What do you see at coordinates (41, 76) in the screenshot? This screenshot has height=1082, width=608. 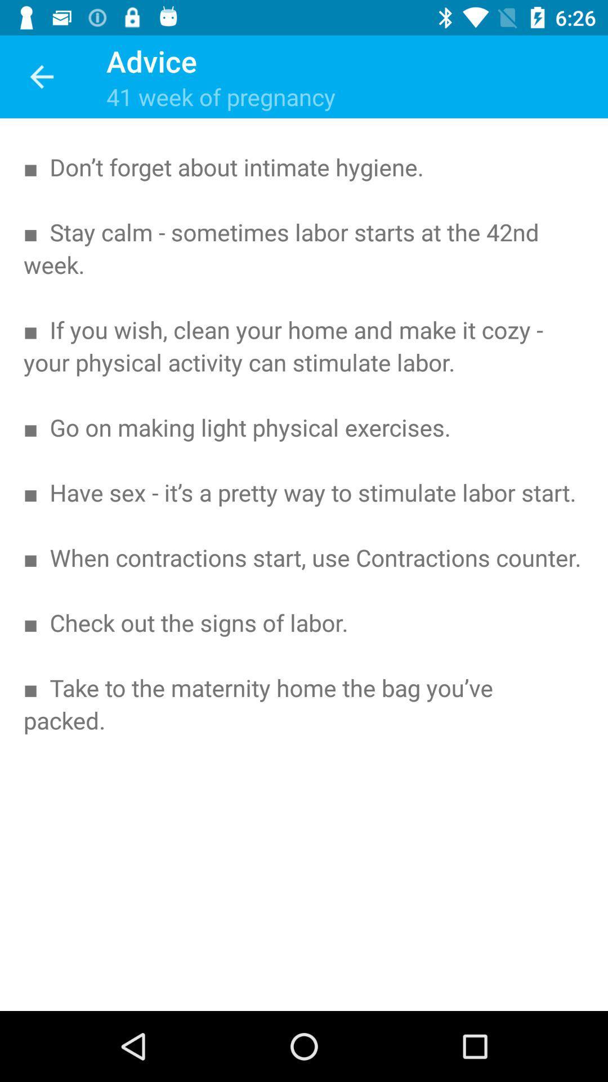 I see `the item above the don t forget item` at bounding box center [41, 76].